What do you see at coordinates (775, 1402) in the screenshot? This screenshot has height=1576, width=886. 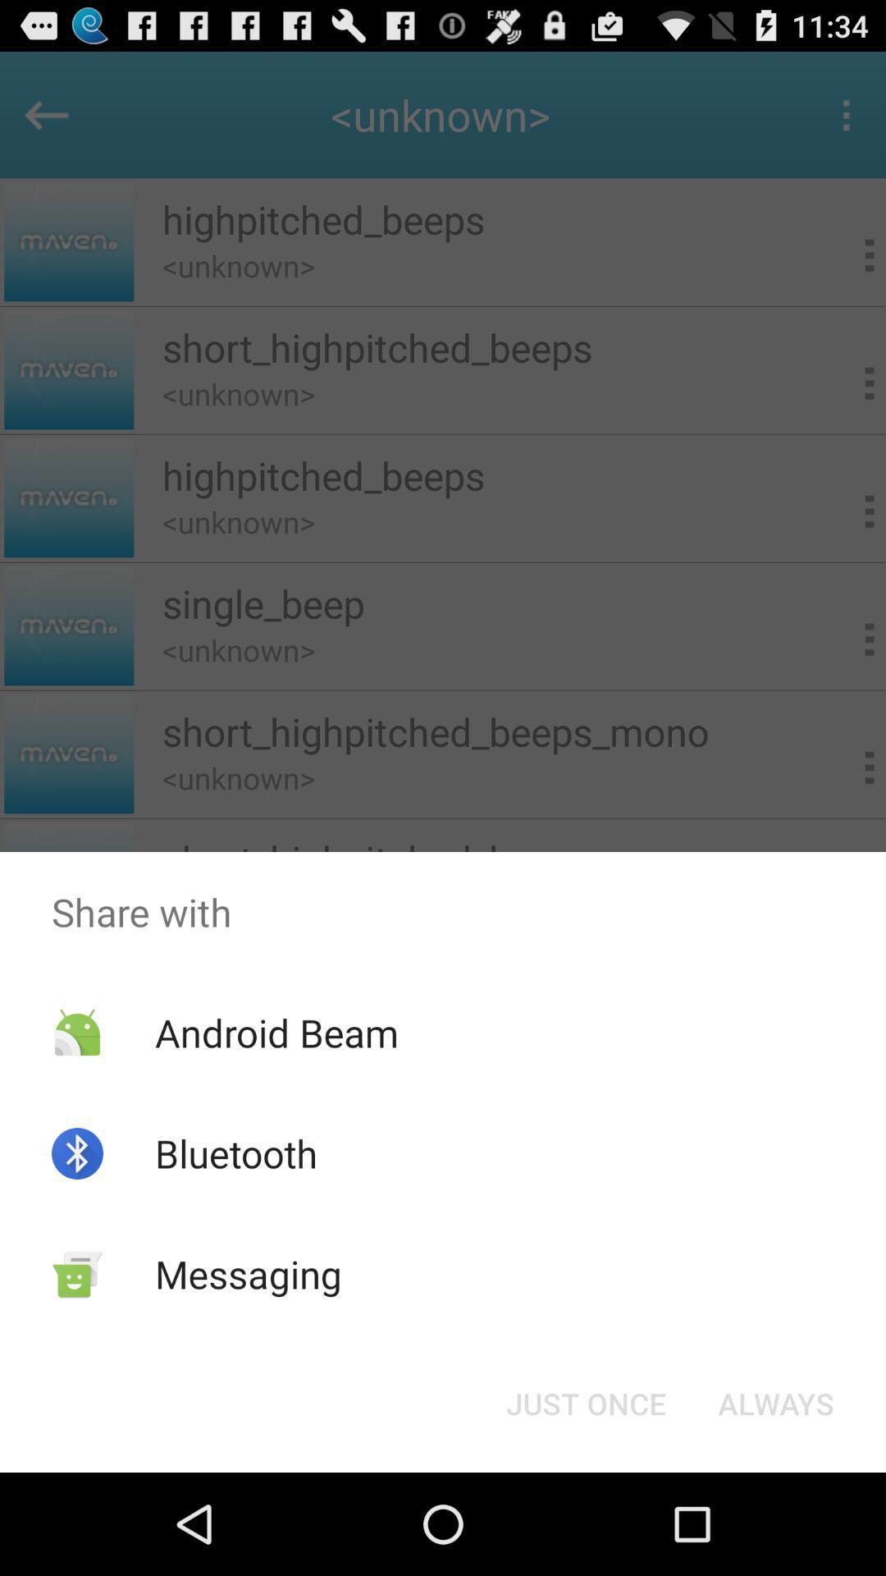 I see `the always item` at bounding box center [775, 1402].